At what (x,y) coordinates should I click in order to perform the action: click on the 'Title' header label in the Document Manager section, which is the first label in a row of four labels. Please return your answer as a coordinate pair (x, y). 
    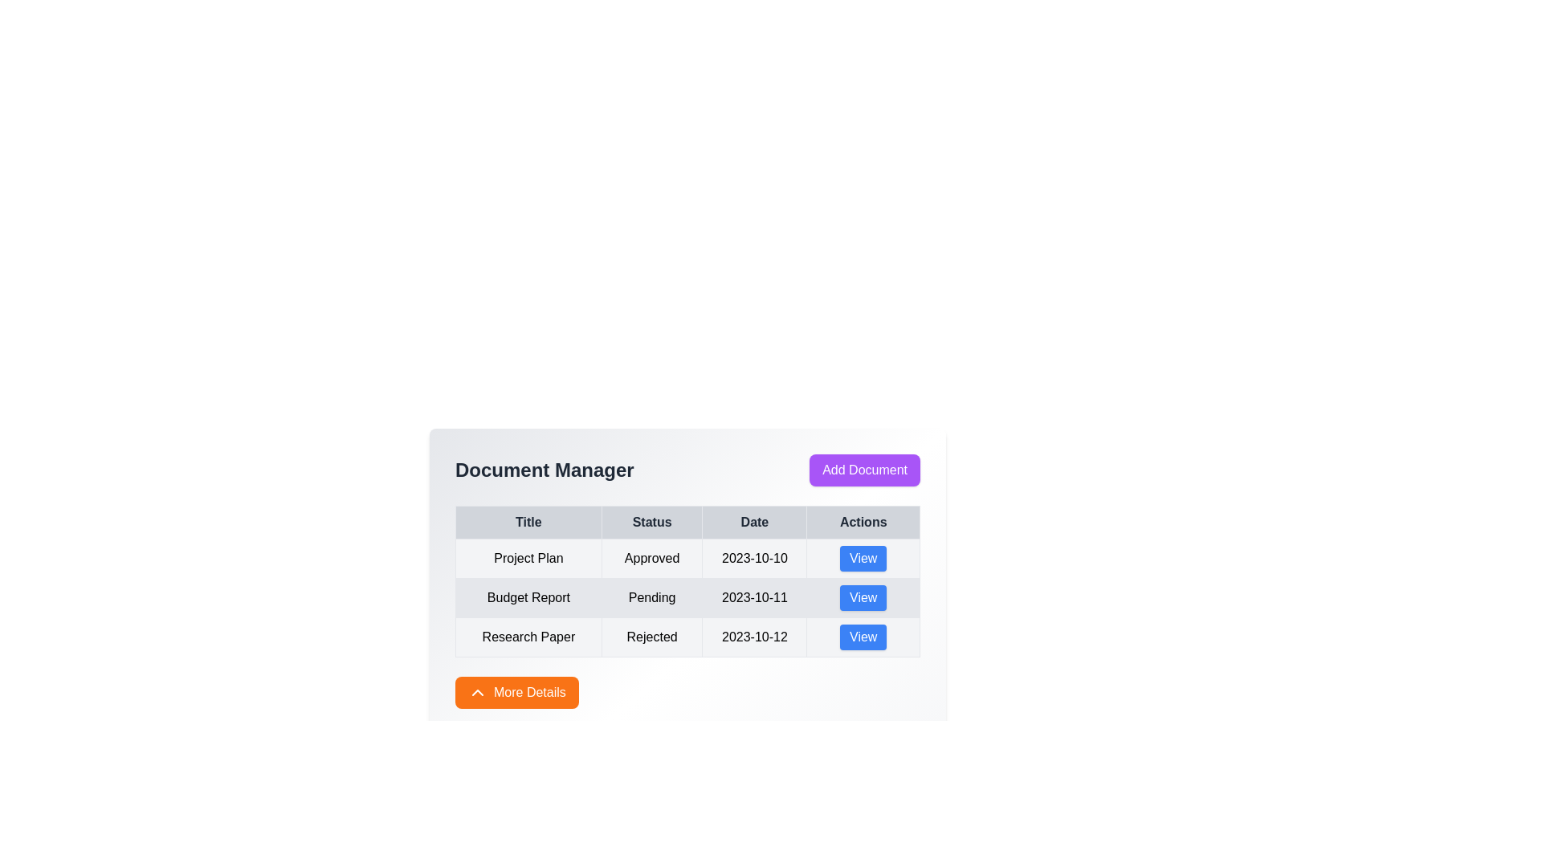
    Looking at the image, I should click on (528, 523).